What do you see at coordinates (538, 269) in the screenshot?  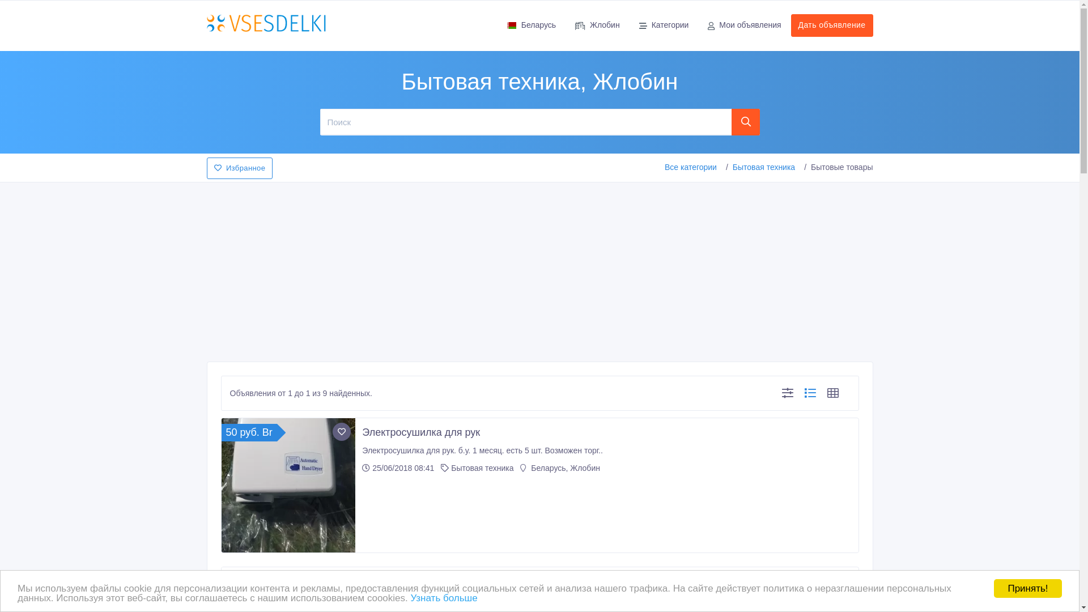 I see `'Advertisement'` at bounding box center [538, 269].